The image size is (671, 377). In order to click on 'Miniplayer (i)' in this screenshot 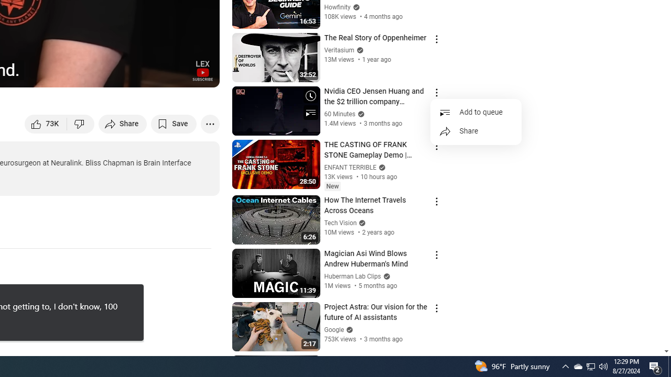, I will do `click(149, 74)`.